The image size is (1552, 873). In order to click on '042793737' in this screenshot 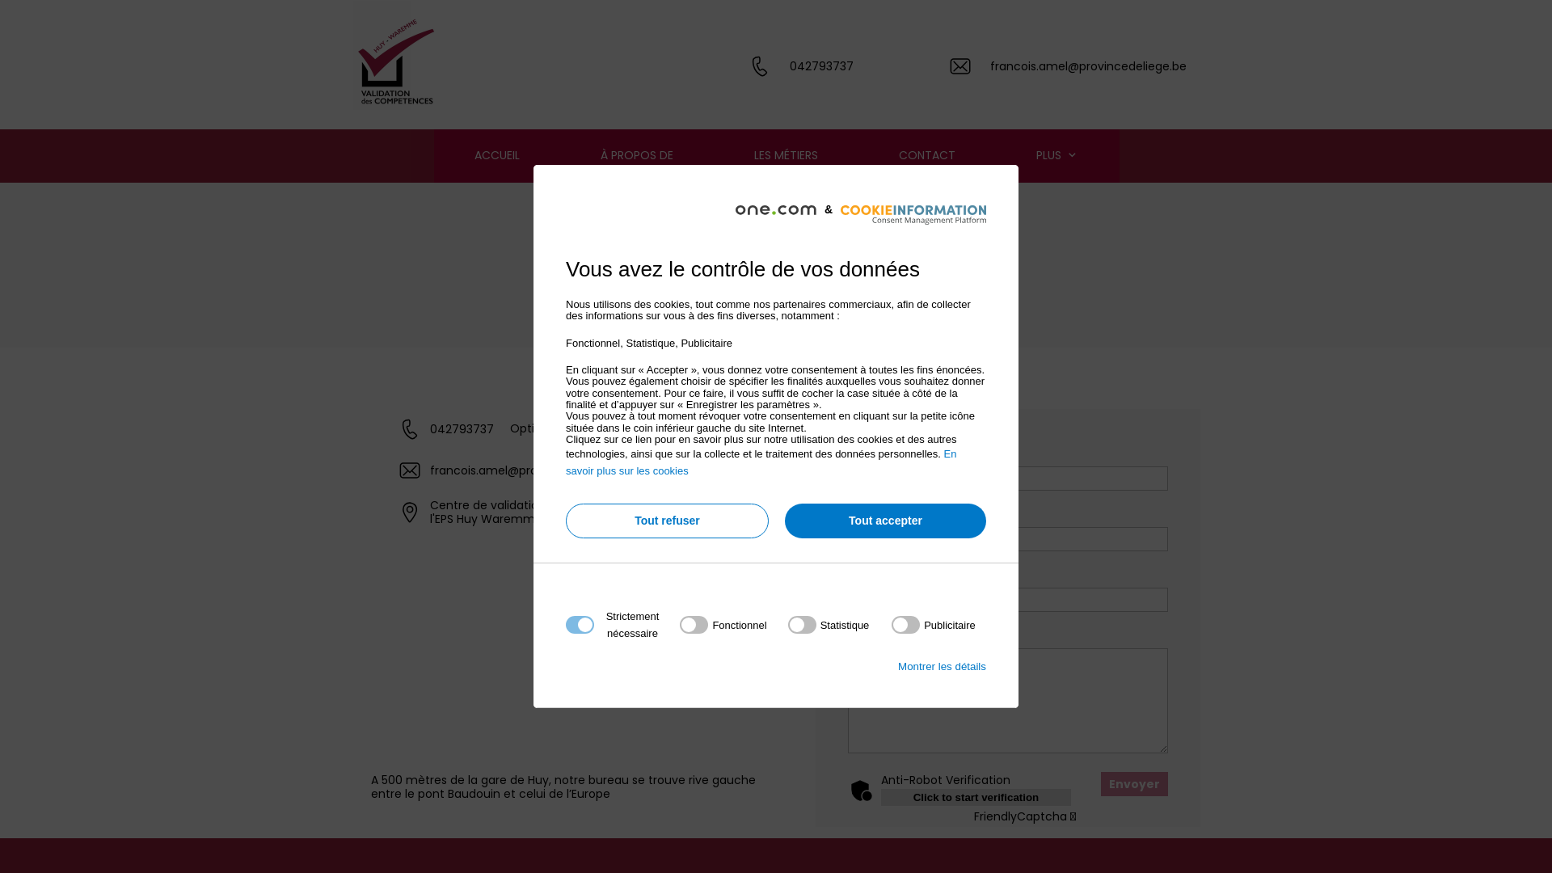, I will do `click(790, 65)`.